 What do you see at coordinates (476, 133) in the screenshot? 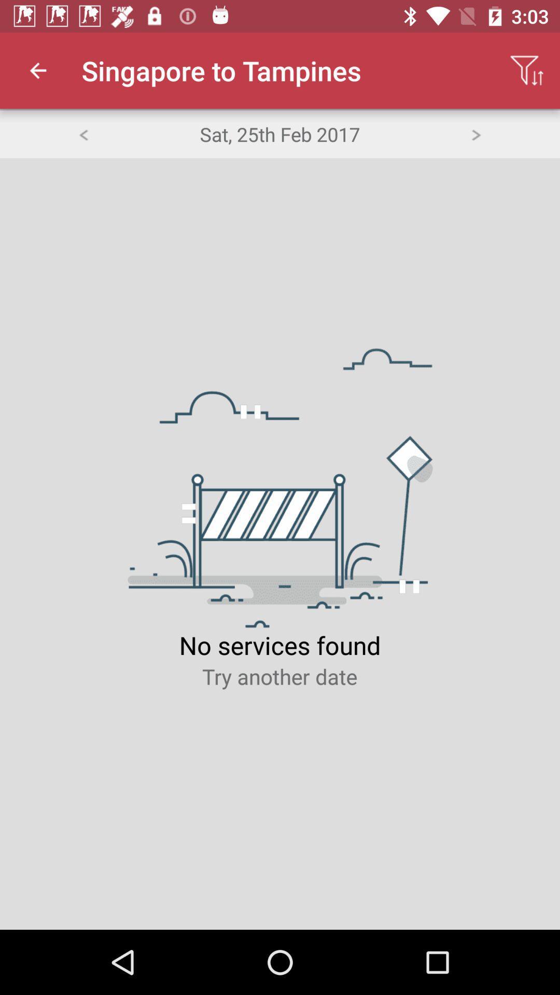
I see `go to` at bounding box center [476, 133].